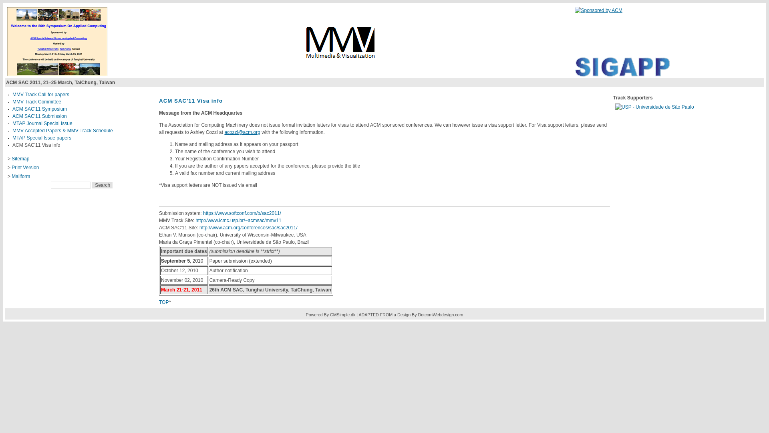 Image resolution: width=769 pixels, height=433 pixels. I want to click on 'Search', so click(101, 185).